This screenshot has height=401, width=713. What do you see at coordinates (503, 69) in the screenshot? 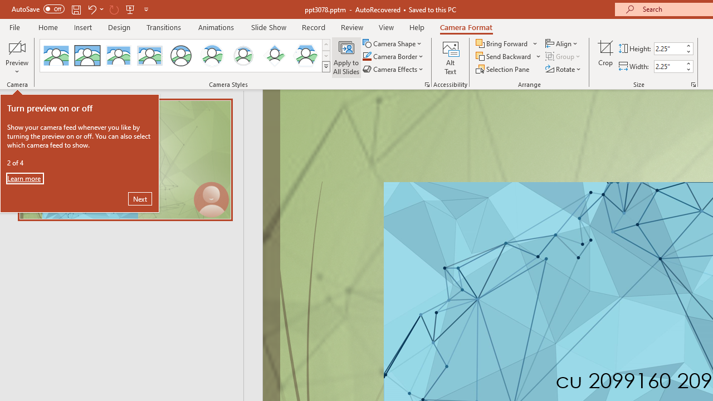
I see `'Selection Pane...'` at bounding box center [503, 69].